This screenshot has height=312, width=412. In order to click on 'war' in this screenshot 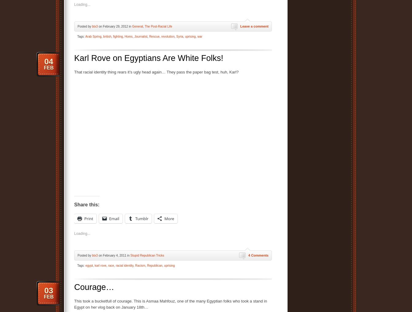, I will do `click(197, 36)`.